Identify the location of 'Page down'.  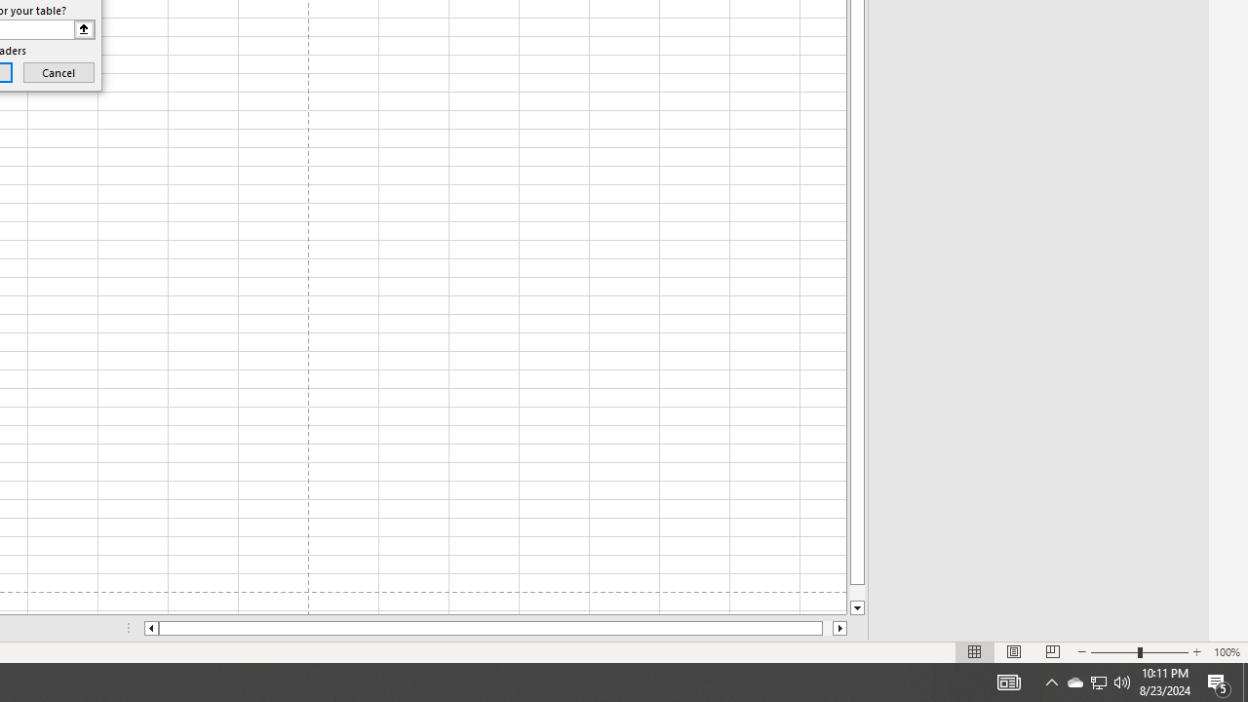
(857, 592).